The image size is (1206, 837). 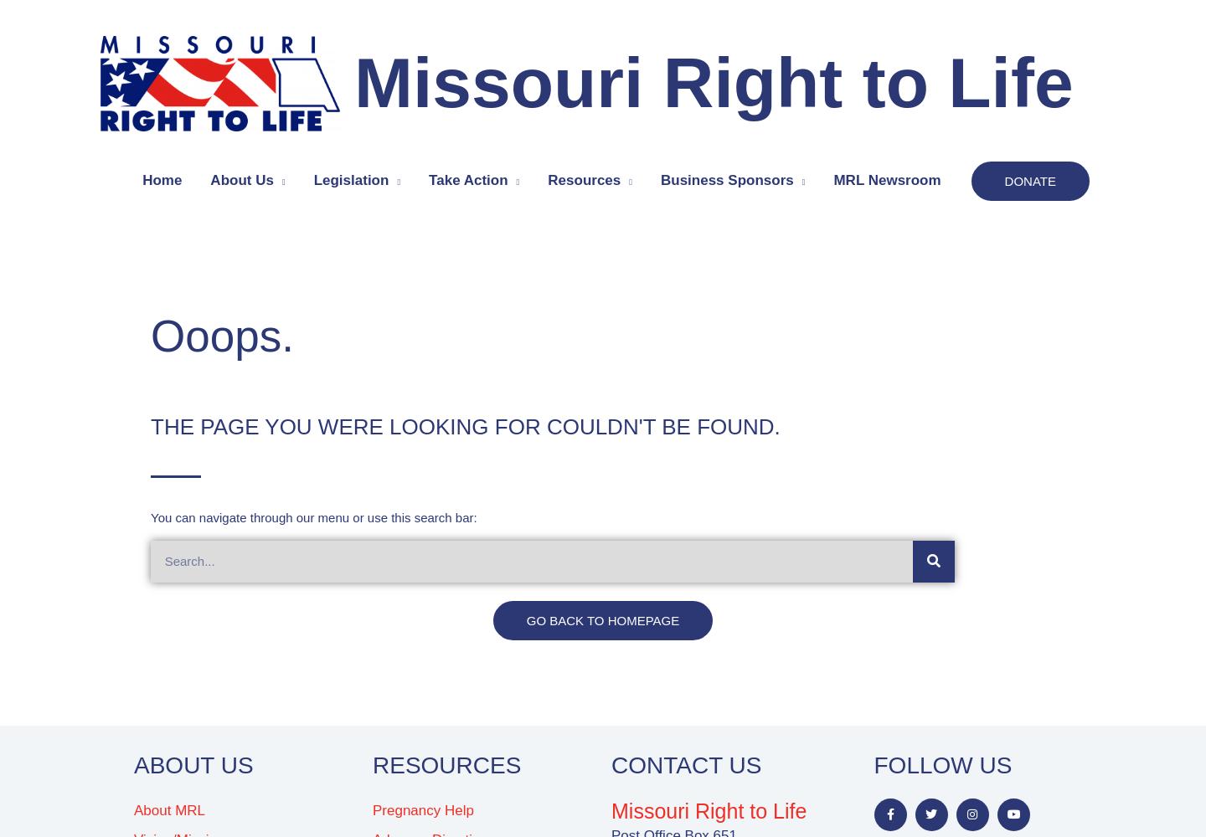 I want to click on 'About MRL', so click(x=132, y=809).